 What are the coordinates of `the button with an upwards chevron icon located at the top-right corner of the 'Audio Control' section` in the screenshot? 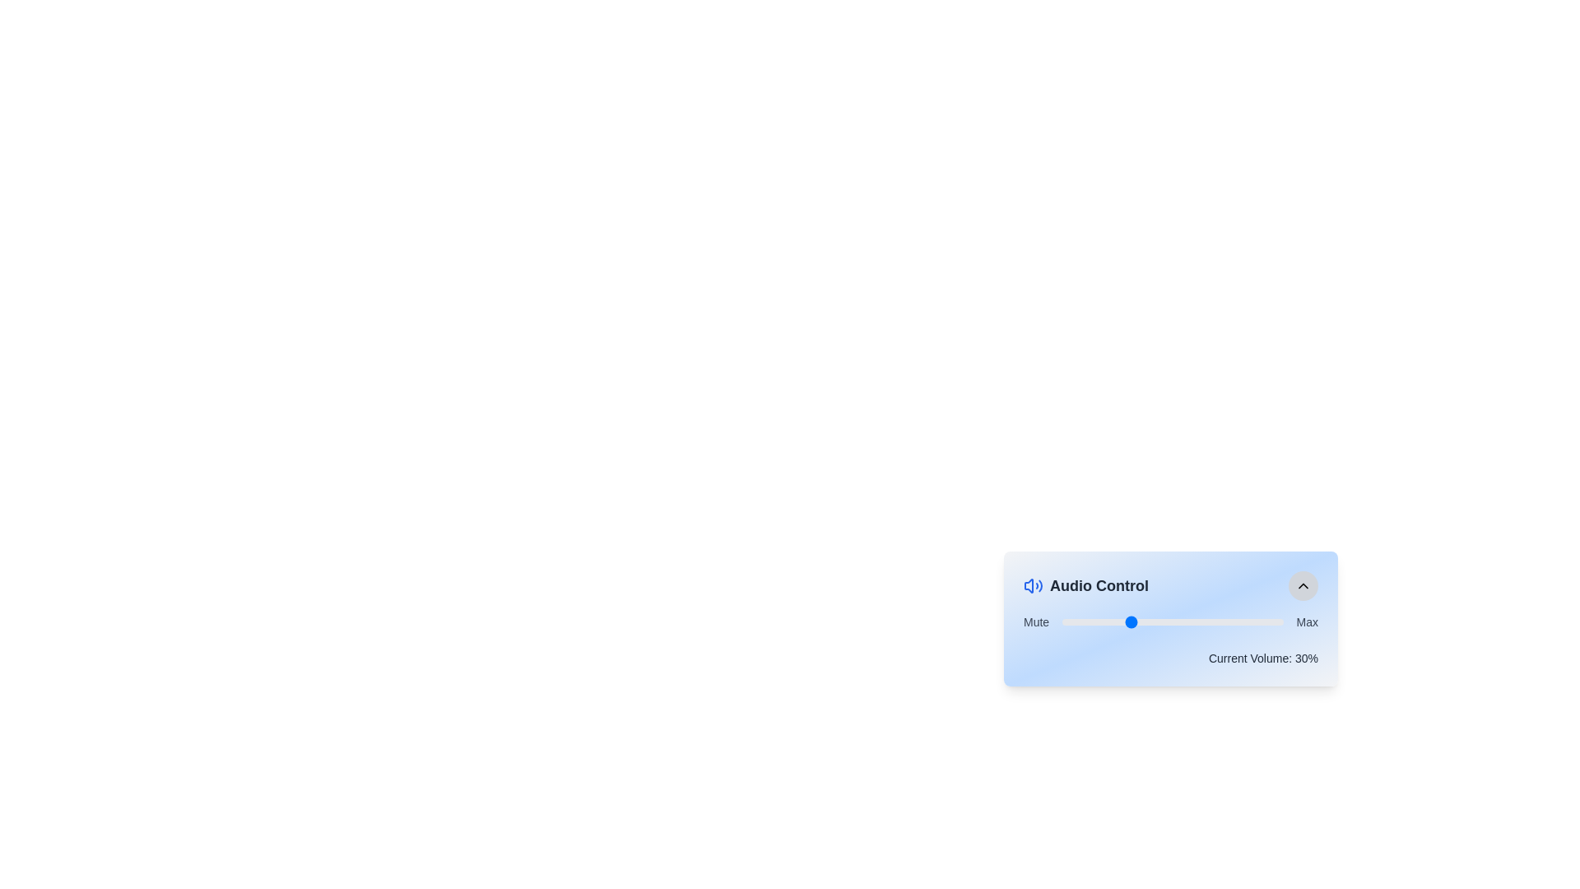 It's located at (1303, 585).